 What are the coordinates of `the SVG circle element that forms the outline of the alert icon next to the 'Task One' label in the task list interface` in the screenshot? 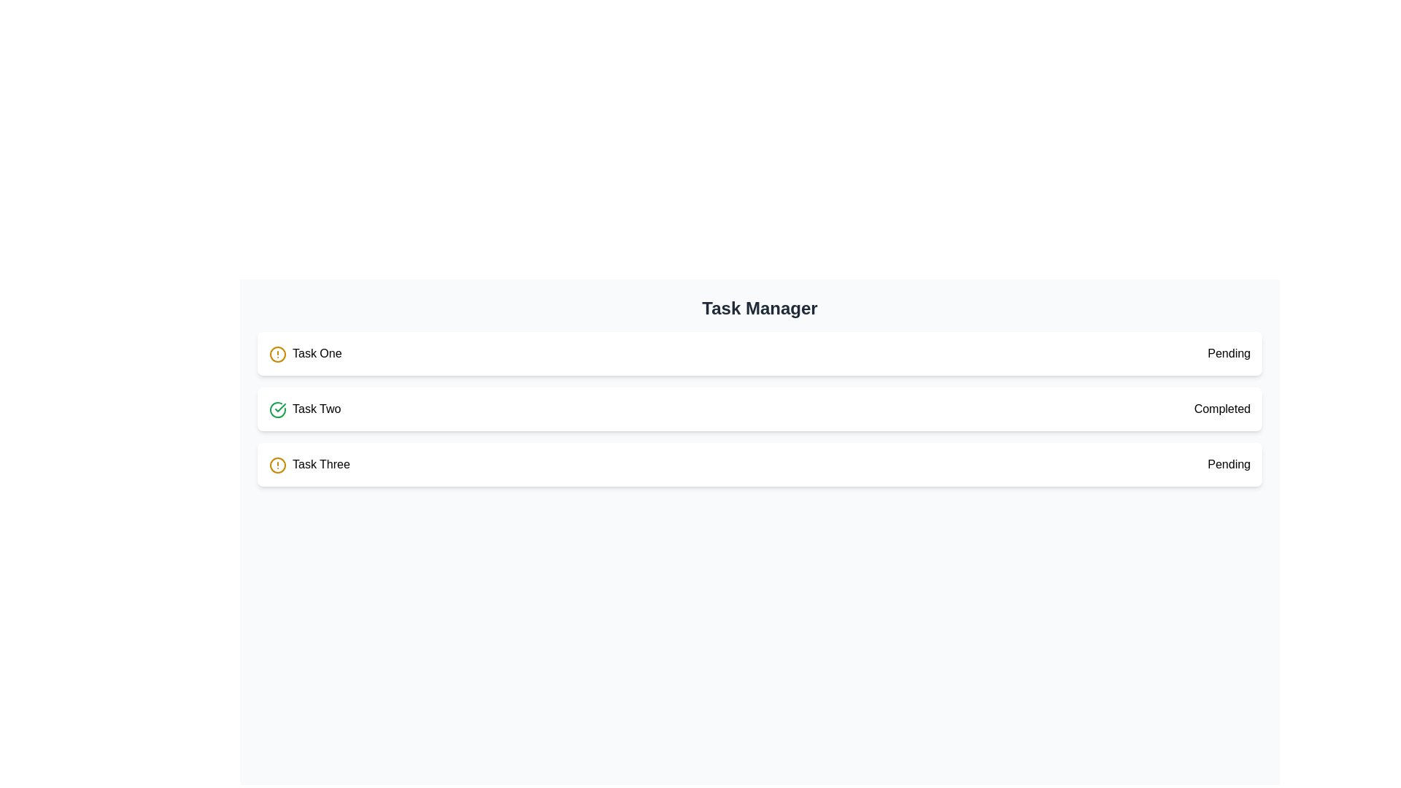 It's located at (277, 355).